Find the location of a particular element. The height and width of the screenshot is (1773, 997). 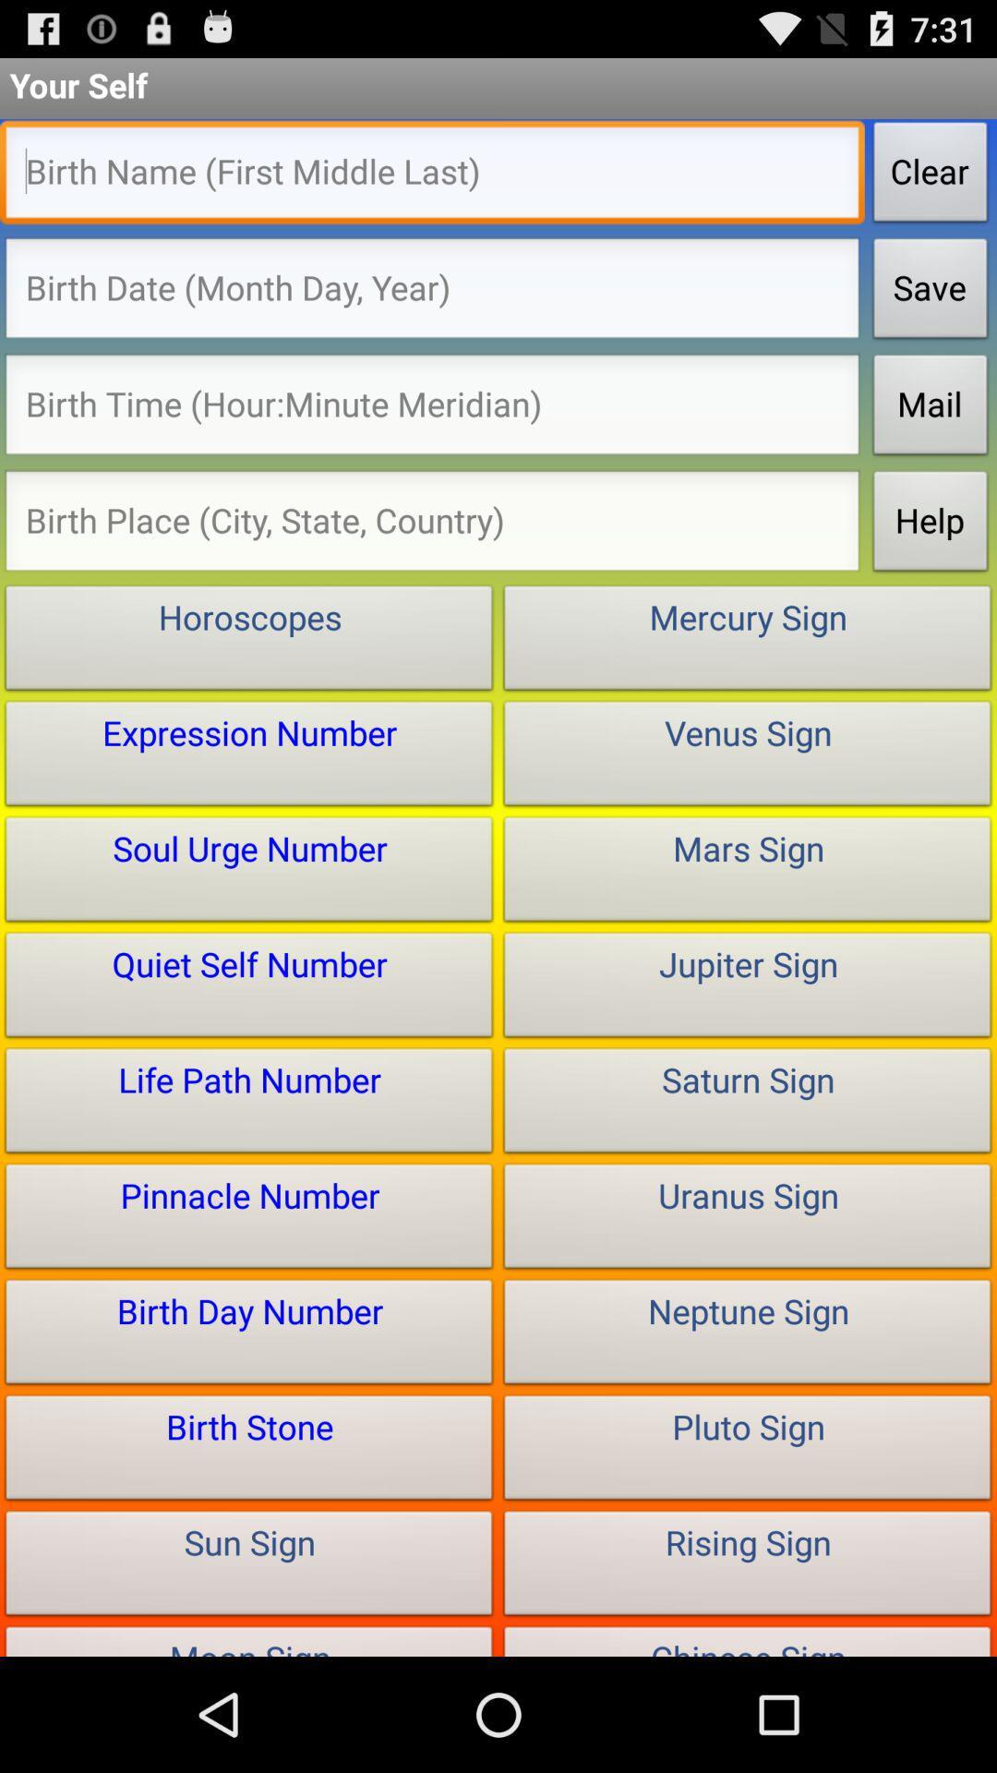

input information is located at coordinates (432, 408).